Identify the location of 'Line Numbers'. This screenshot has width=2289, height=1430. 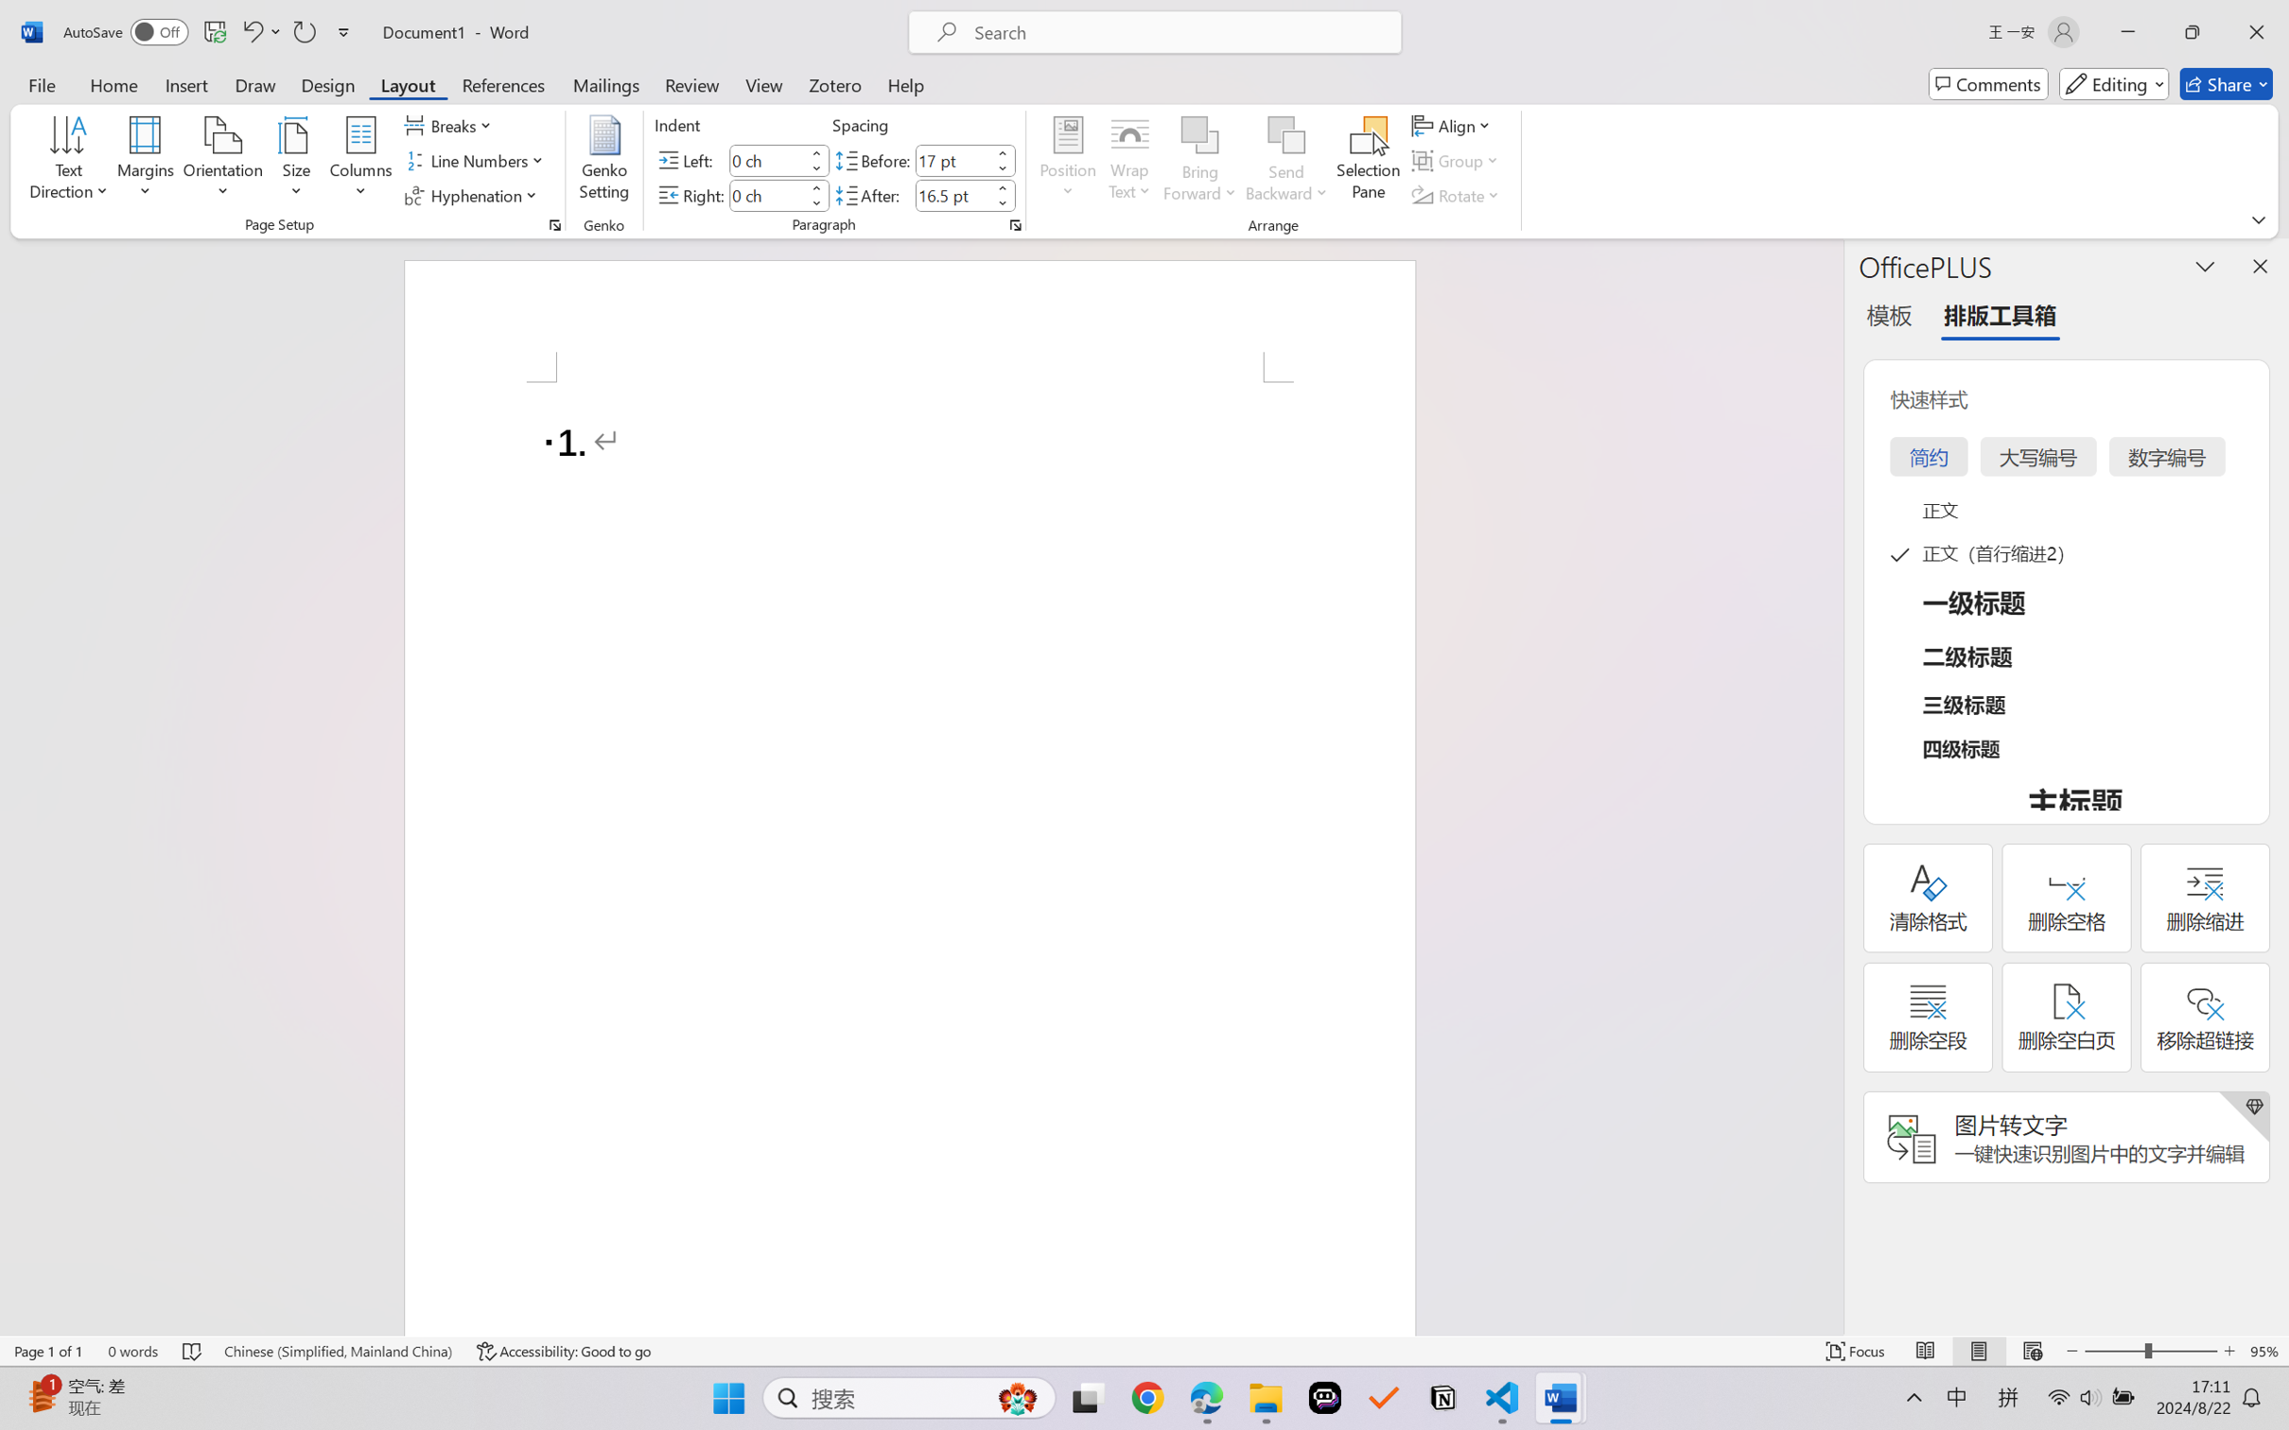
(476, 161).